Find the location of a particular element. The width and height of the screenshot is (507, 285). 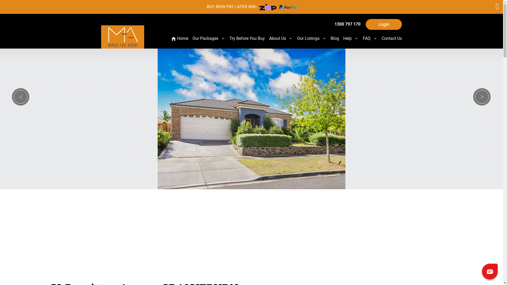

'Our Packages' is located at coordinates (210, 38).